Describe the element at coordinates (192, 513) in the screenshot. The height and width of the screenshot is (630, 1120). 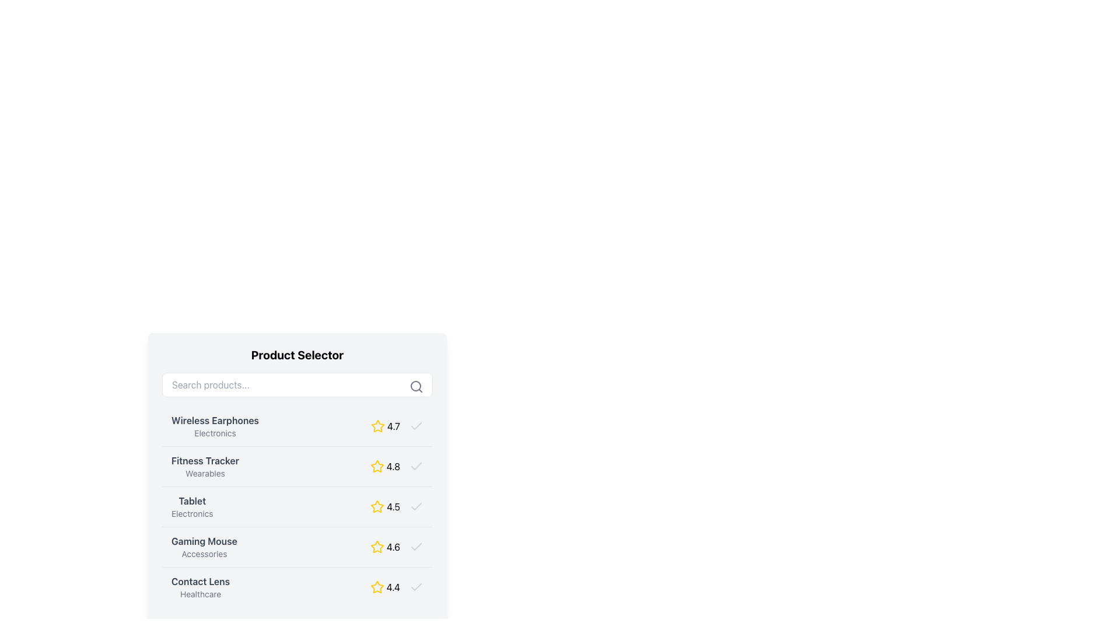
I see `the Text Label element that serves as a category label for the product 'Tablet', which is positioned directly below the text 'Tablet' in the product category interface` at that location.